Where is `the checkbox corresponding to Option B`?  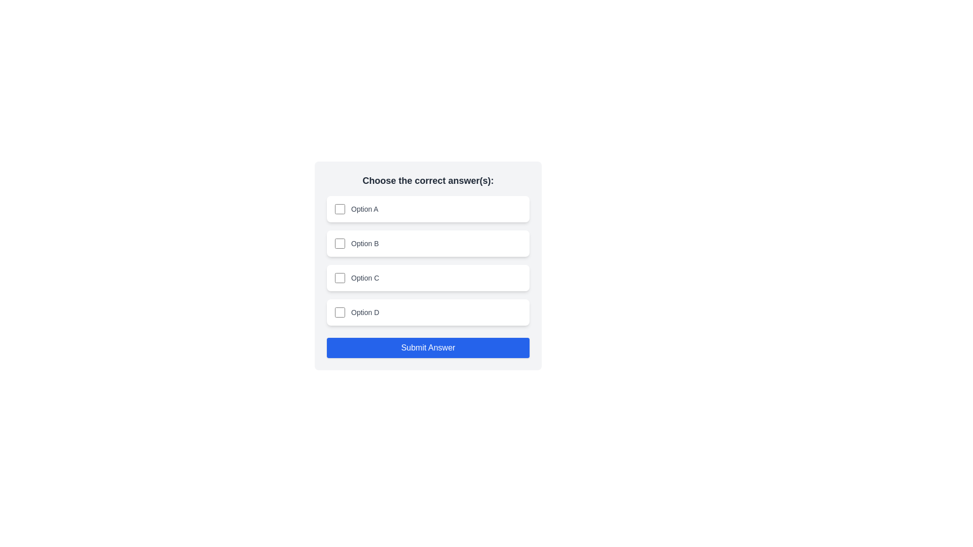 the checkbox corresponding to Option B is located at coordinates (340, 244).